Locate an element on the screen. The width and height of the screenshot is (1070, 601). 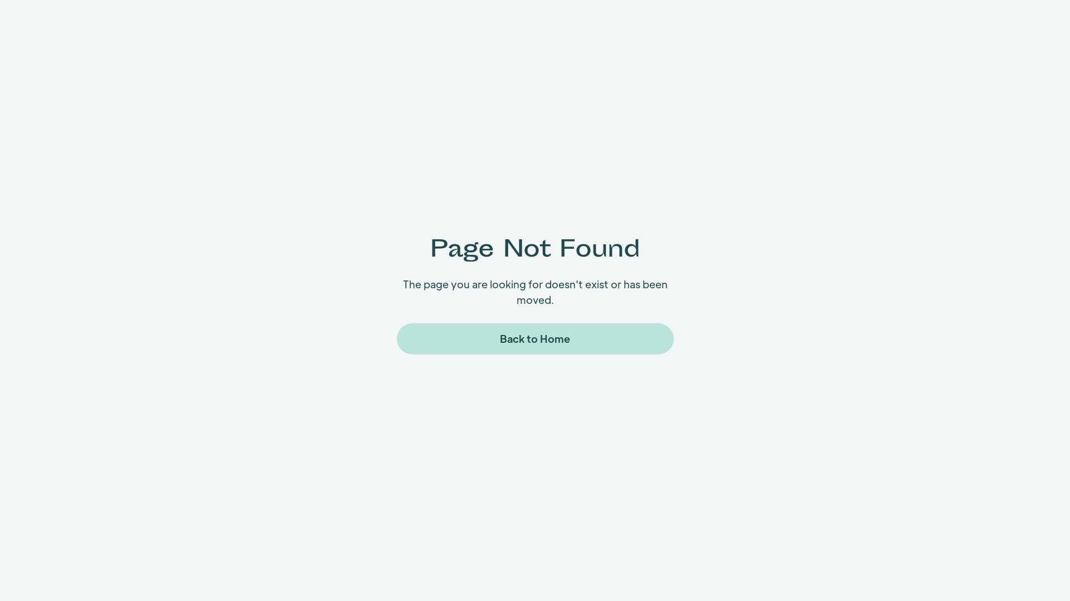
'Back to Home' is located at coordinates (535, 338).